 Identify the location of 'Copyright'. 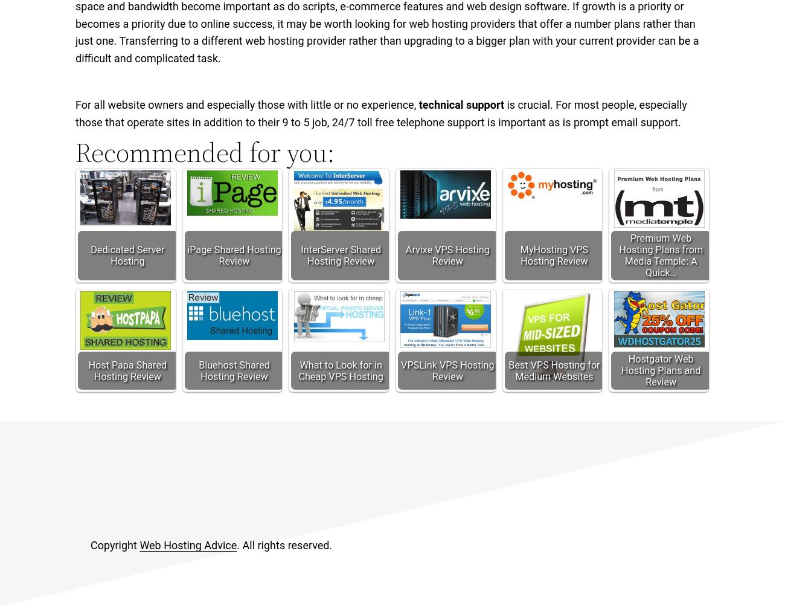
(115, 545).